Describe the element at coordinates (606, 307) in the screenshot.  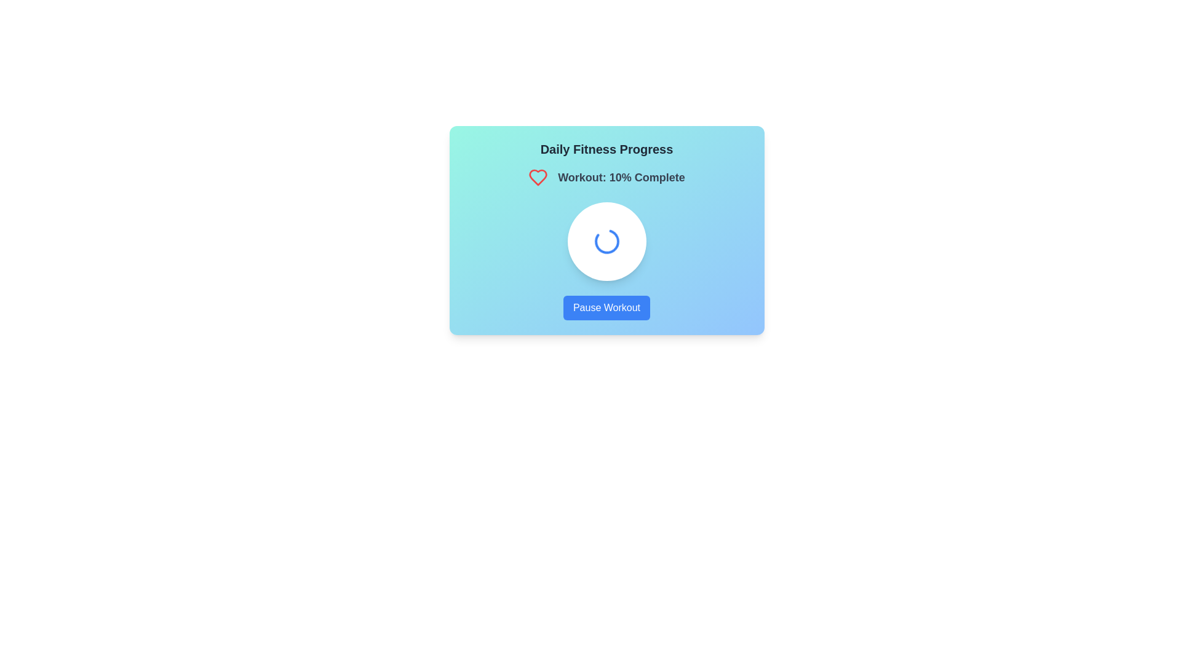
I see `the pause workout button, which is centrally located below the circular progress indicator` at that location.